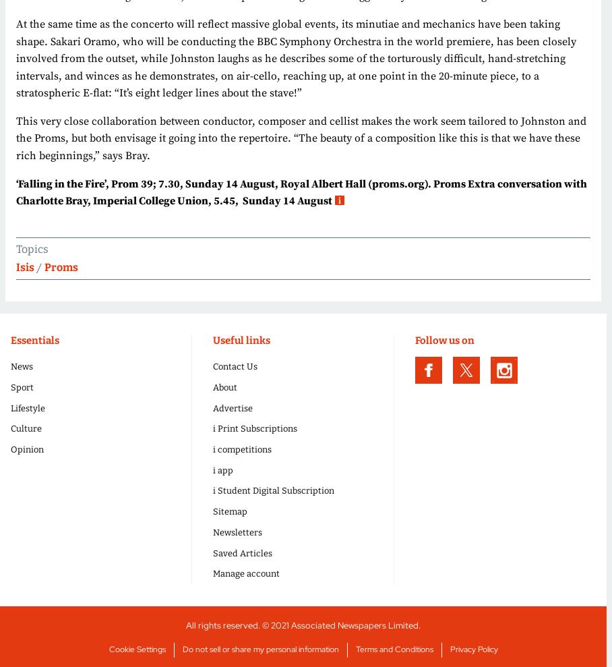 This screenshot has height=667, width=612. What do you see at coordinates (445, 340) in the screenshot?
I see `'Follow us on'` at bounding box center [445, 340].